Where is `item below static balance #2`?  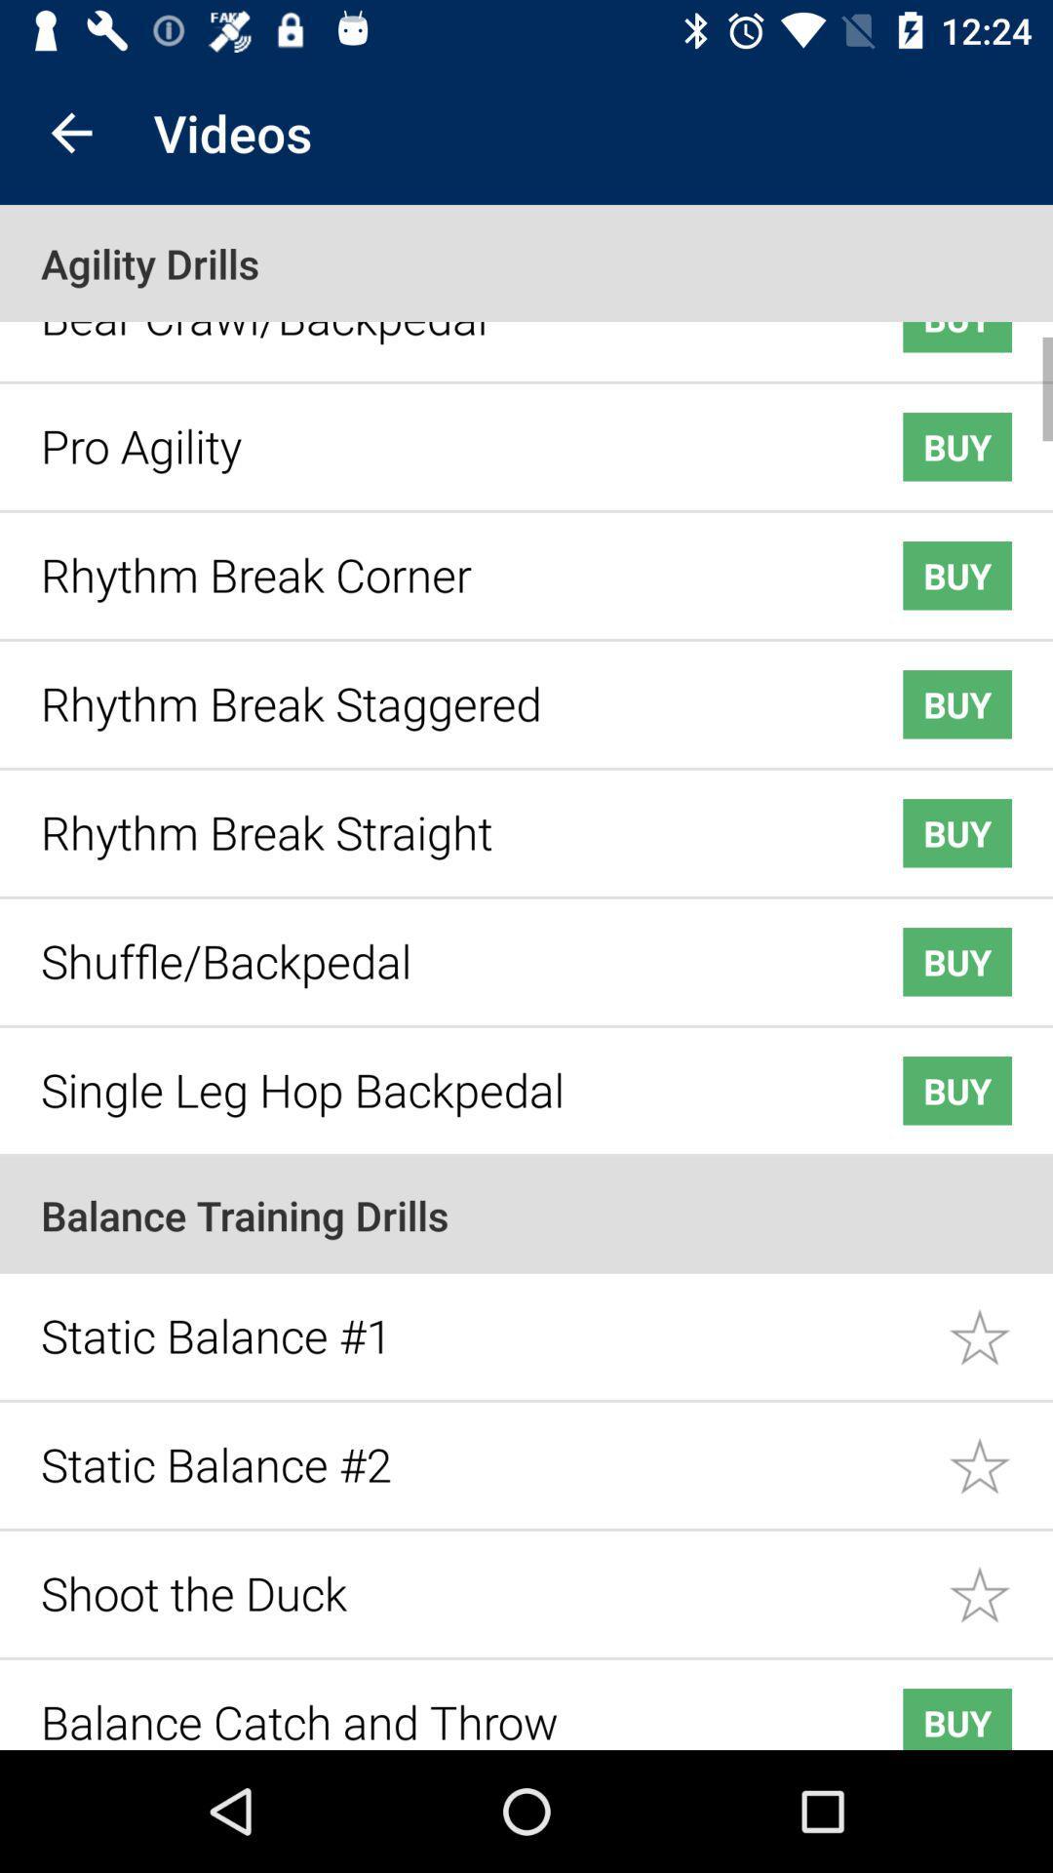 item below static balance #2 is located at coordinates (483, 1578).